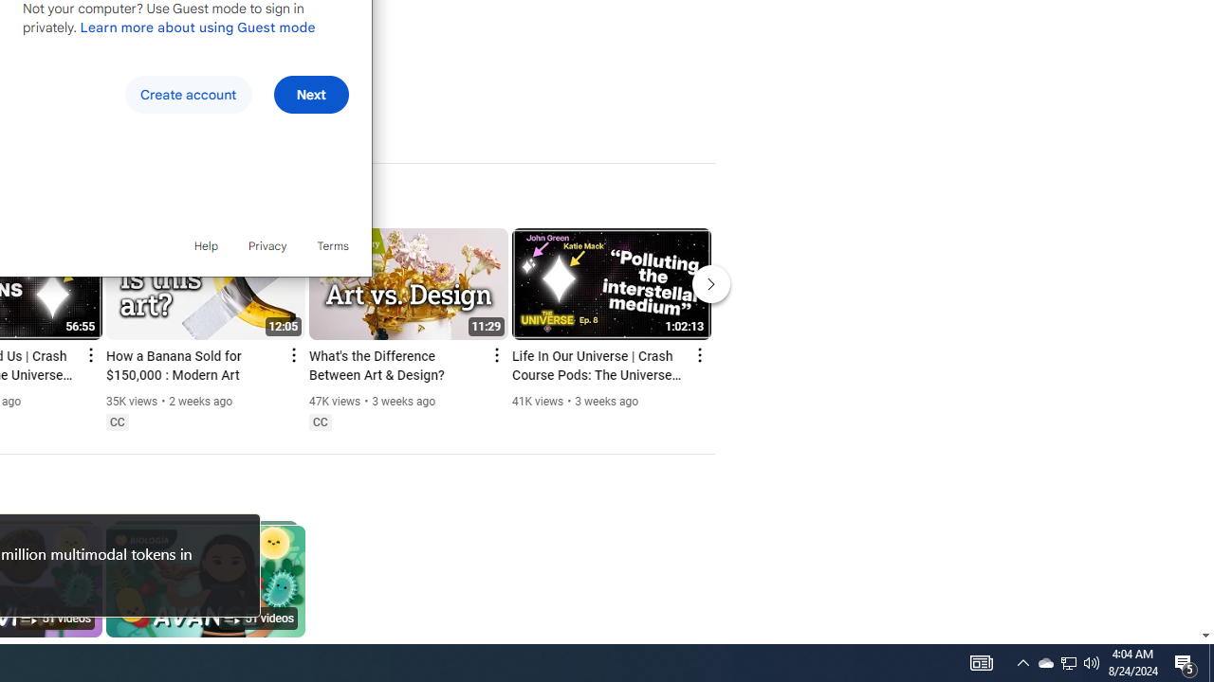 This screenshot has width=1214, height=682. Describe the element at coordinates (205, 244) in the screenshot. I see `'Help'` at that location.